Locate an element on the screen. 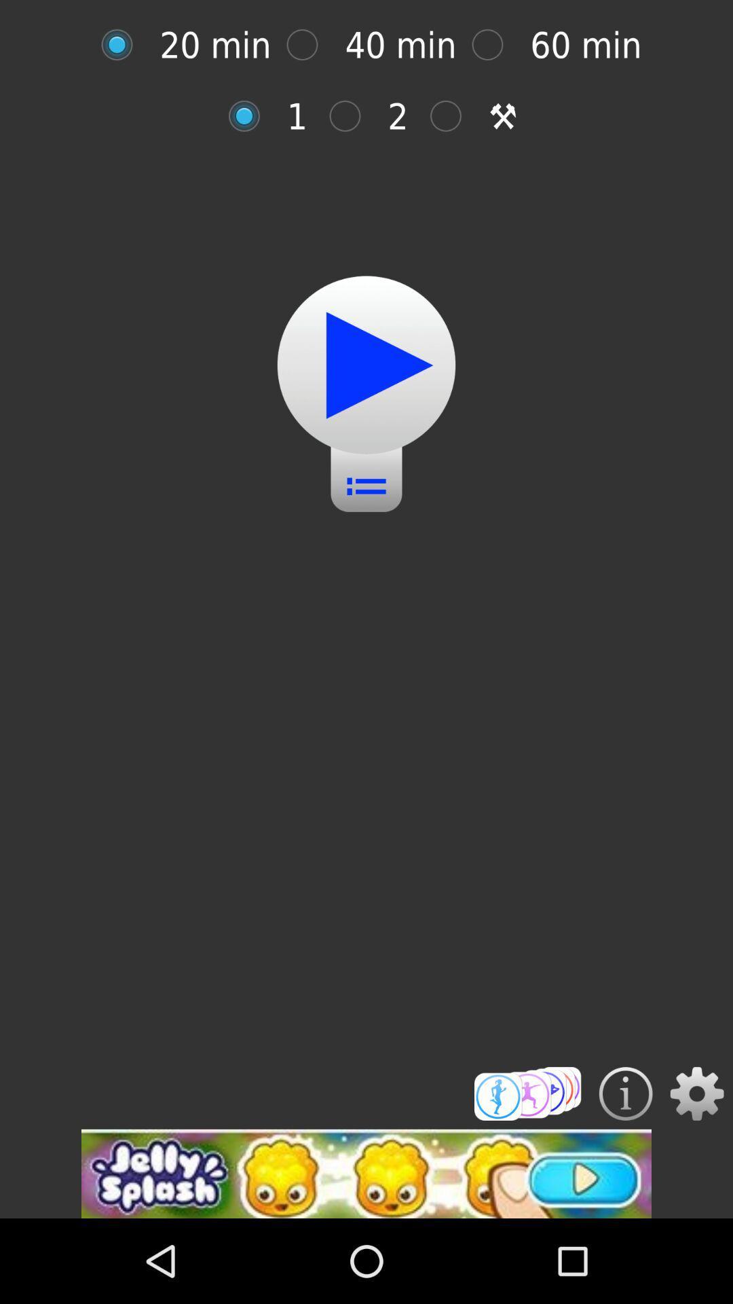 The height and width of the screenshot is (1304, 733). button is located at coordinates (366, 365).